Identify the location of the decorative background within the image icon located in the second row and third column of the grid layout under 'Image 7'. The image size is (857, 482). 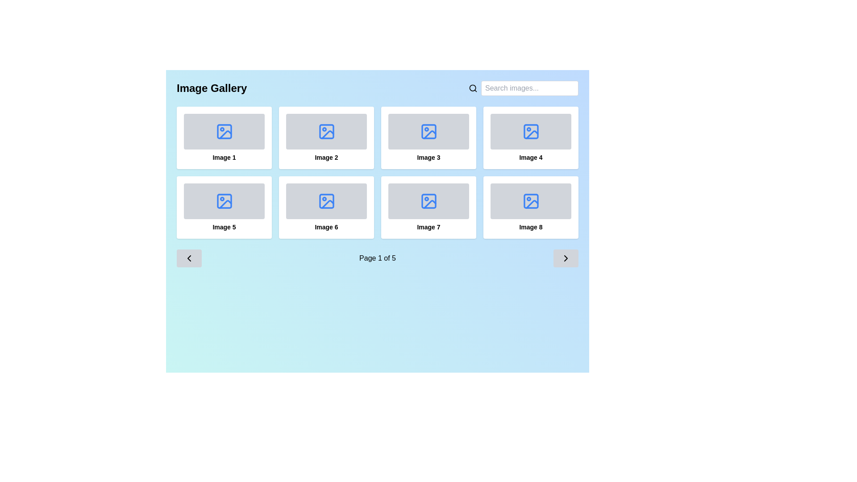
(428, 201).